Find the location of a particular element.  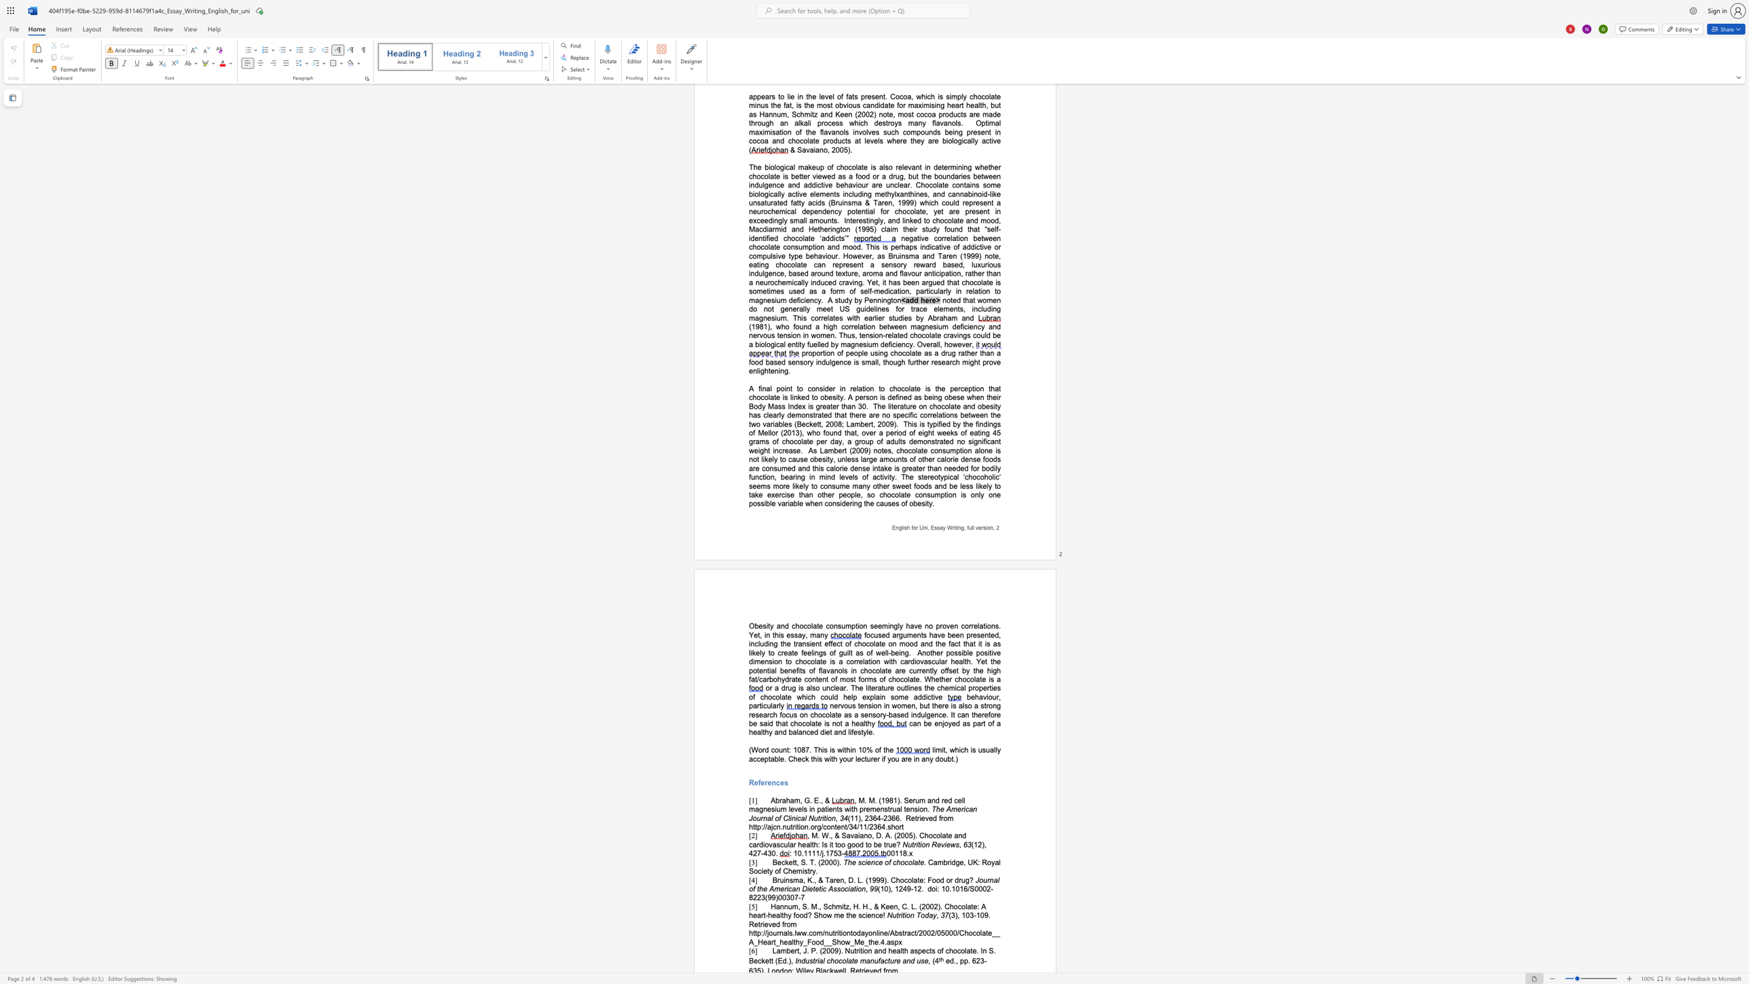

the subset text "ents with premenstrual tensi" within the text ", M. M. (1981). Serum and red cell magnesium levels in patients with premenstrual tension." is located at coordinates (828, 808).